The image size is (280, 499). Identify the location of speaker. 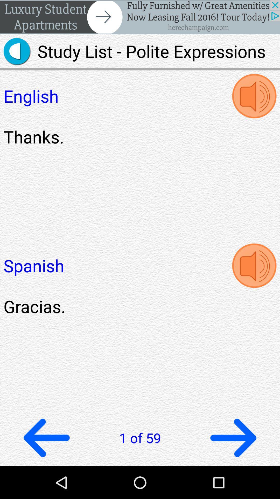
(254, 96).